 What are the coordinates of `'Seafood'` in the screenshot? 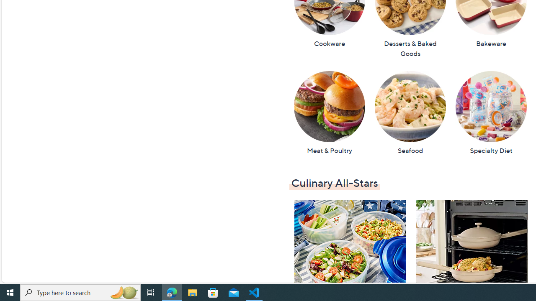 It's located at (410, 113).